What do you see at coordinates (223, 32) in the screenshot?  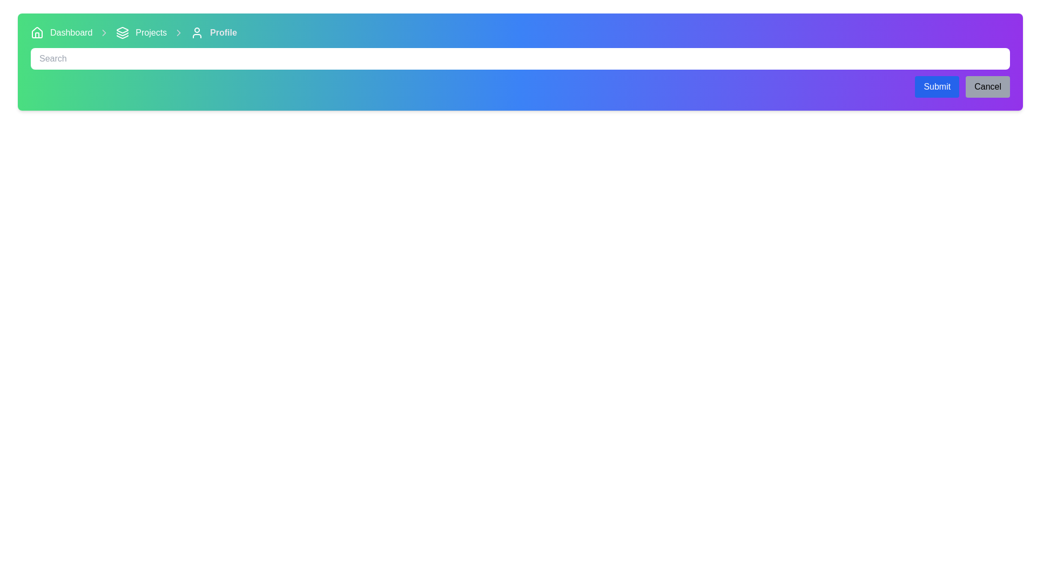 I see `the 'Profile' text label displayed in bold gray font, which is the last item in the breadcrumb navigation bar` at bounding box center [223, 32].